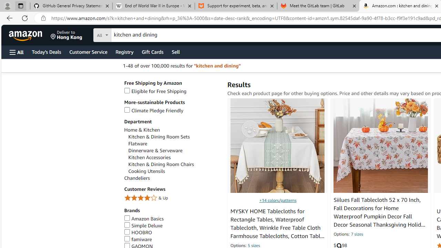 The width and height of the screenshot is (441, 248). What do you see at coordinates (146, 171) in the screenshot?
I see `'Cooking Utensils'` at bounding box center [146, 171].